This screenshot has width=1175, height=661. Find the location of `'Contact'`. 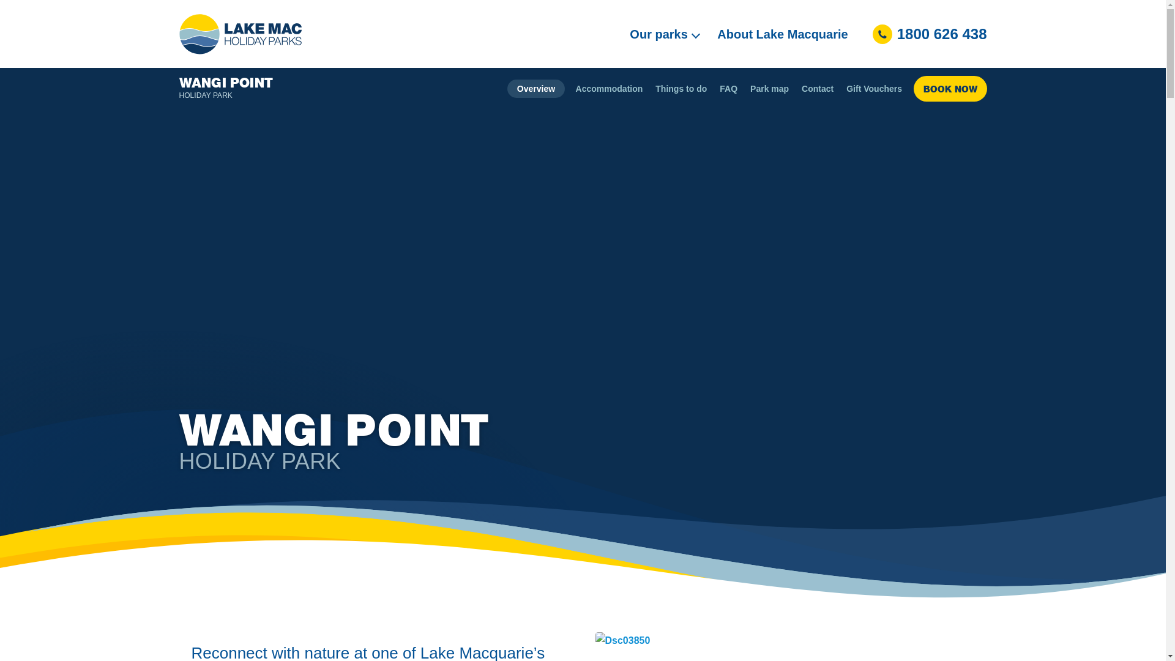

'Contact' is located at coordinates (818, 88).